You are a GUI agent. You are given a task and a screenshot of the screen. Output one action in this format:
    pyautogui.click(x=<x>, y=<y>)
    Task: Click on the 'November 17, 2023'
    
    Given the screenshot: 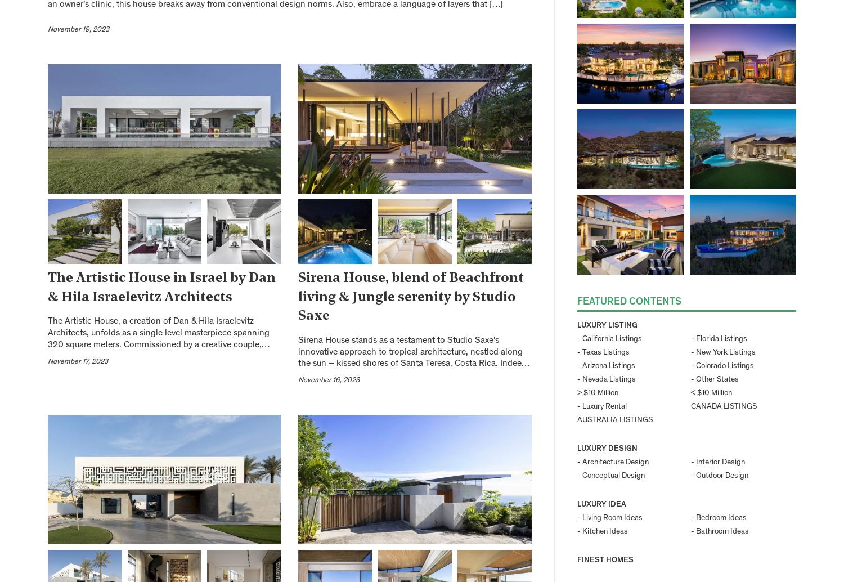 What is the action you would take?
    pyautogui.click(x=78, y=361)
    